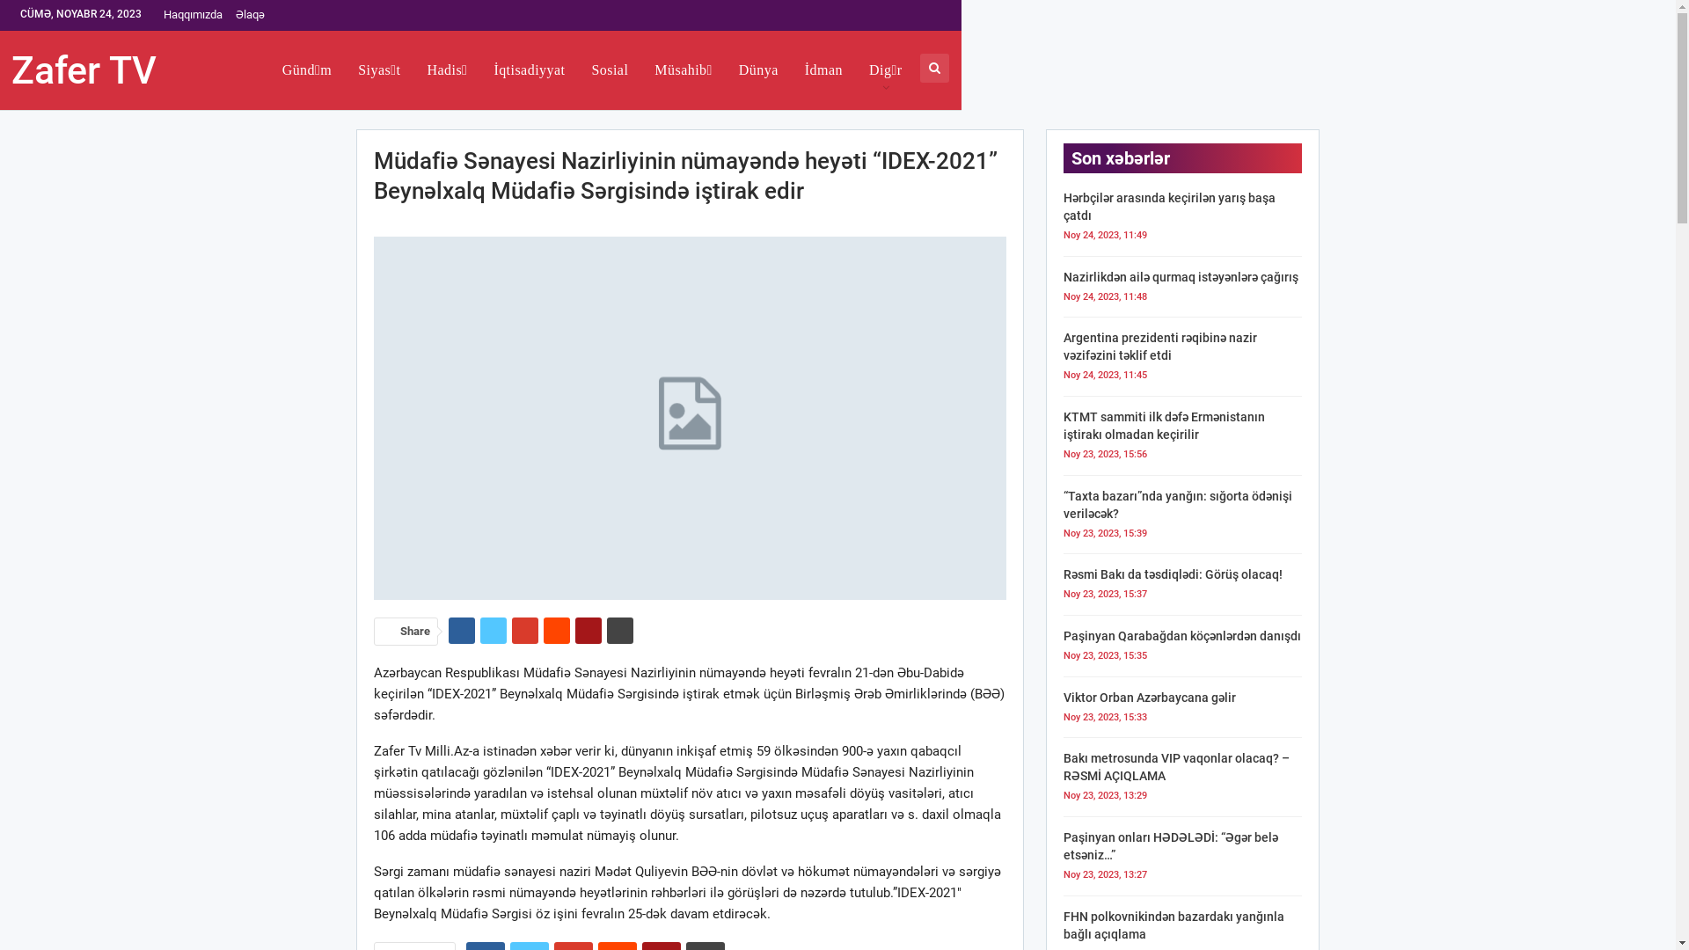  Describe the element at coordinates (609, 69) in the screenshot. I see `'Sosial'` at that location.